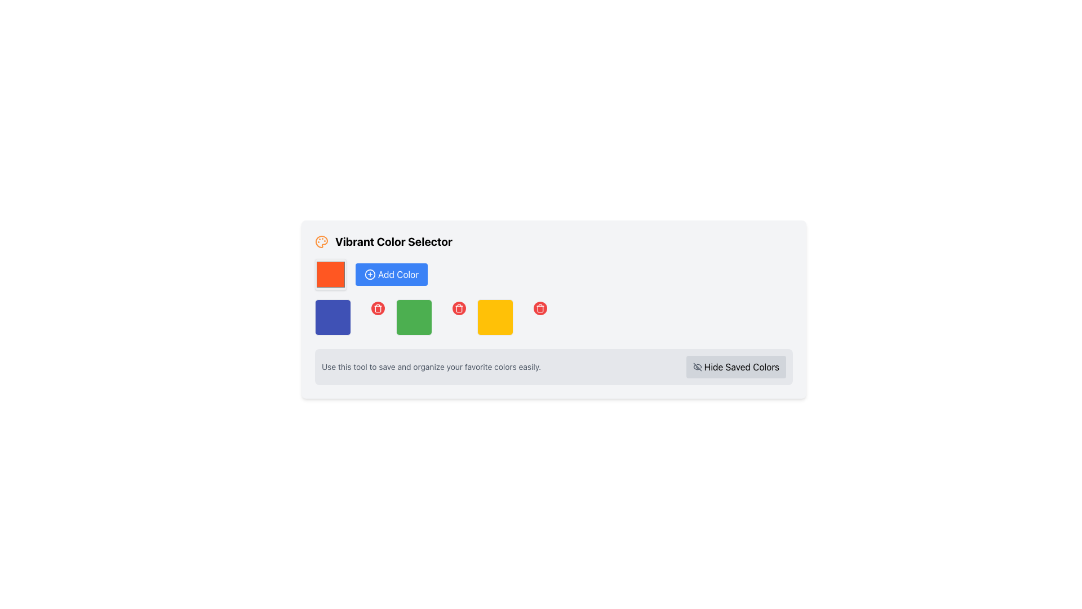 The width and height of the screenshot is (1082, 609). What do you see at coordinates (370, 274) in the screenshot?
I see `SVG Circle element that is part of the plus icon in the Add Color button by clicking on its center` at bounding box center [370, 274].